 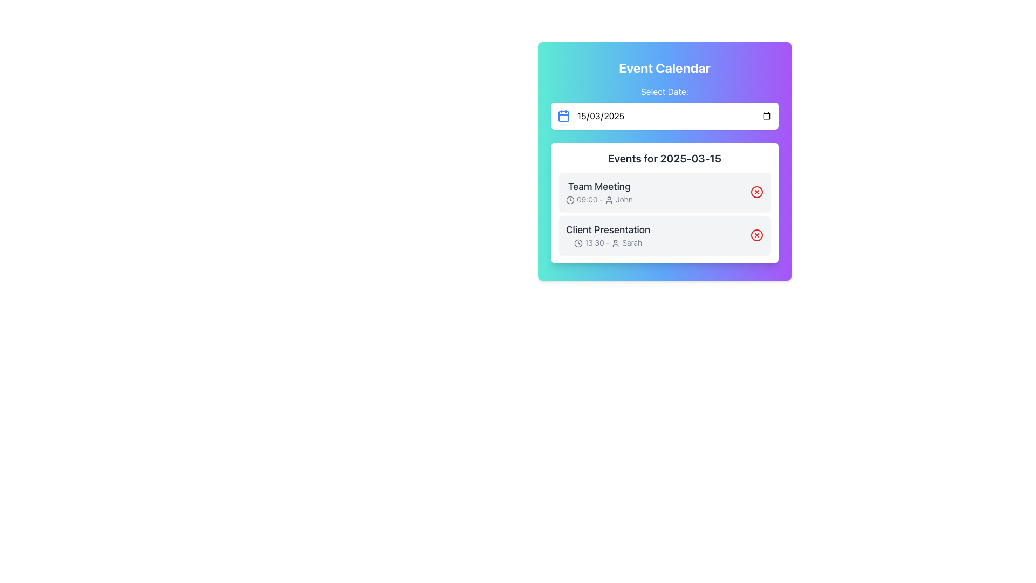 I want to click on the Text Heading indicating the date for scheduled events, which is located beneath the date selector and above the event summaries, so click(x=664, y=158).